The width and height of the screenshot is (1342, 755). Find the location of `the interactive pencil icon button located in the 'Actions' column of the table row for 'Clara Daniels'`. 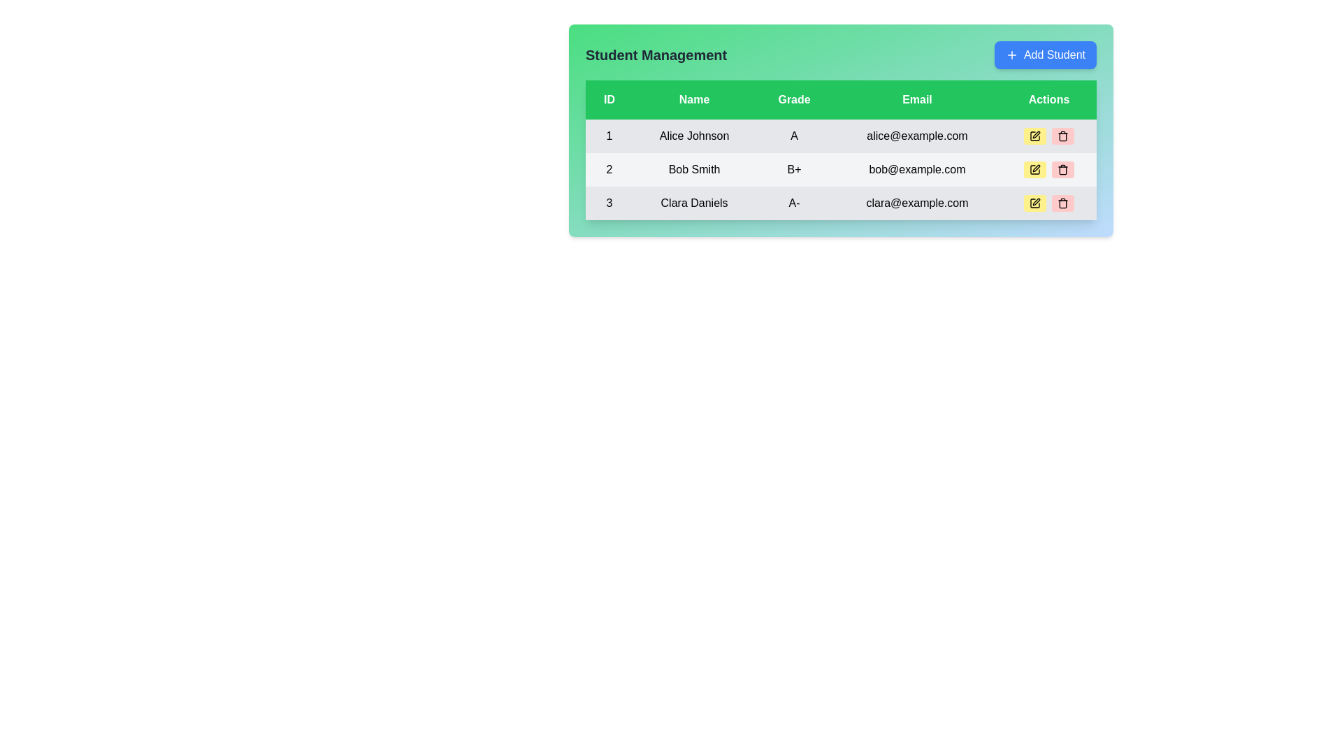

the interactive pencil icon button located in the 'Actions' column of the table row for 'Clara Daniels' is located at coordinates (1034, 203).